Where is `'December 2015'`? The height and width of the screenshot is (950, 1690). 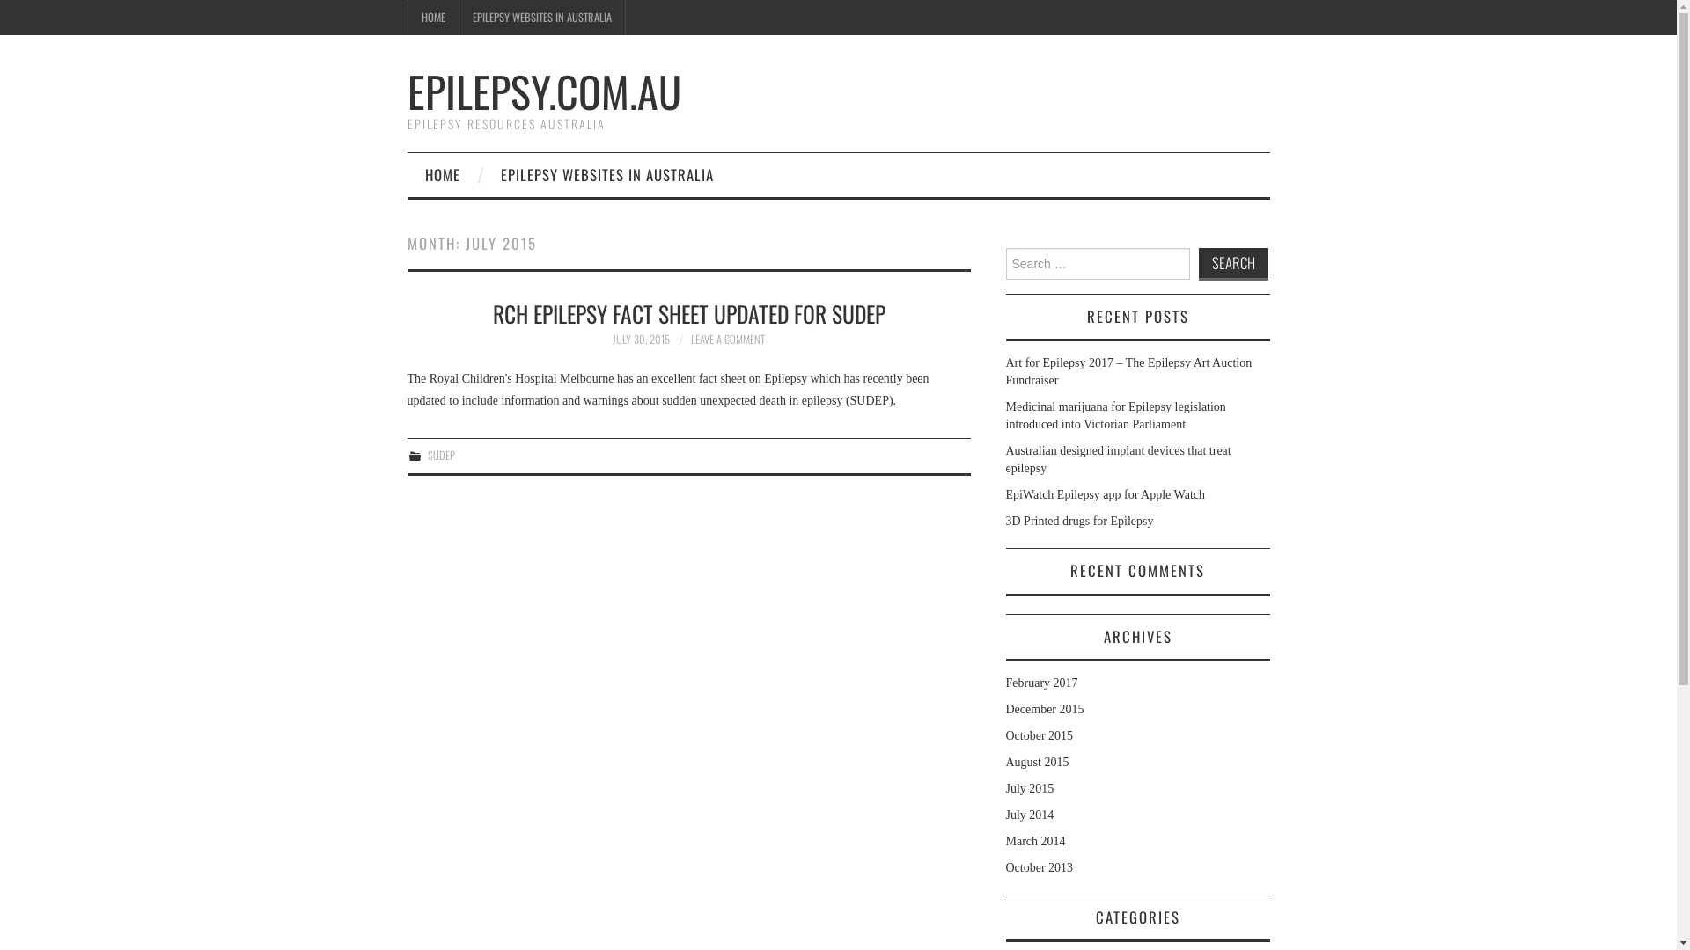 'December 2015' is located at coordinates (1005, 708).